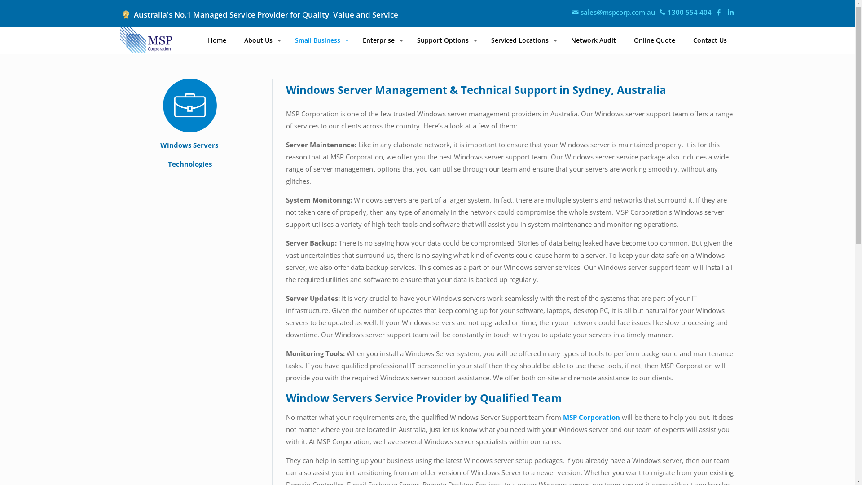 Image resolution: width=862 pixels, height=485 pixels. I want to click on 'Home', so click(216, 40).